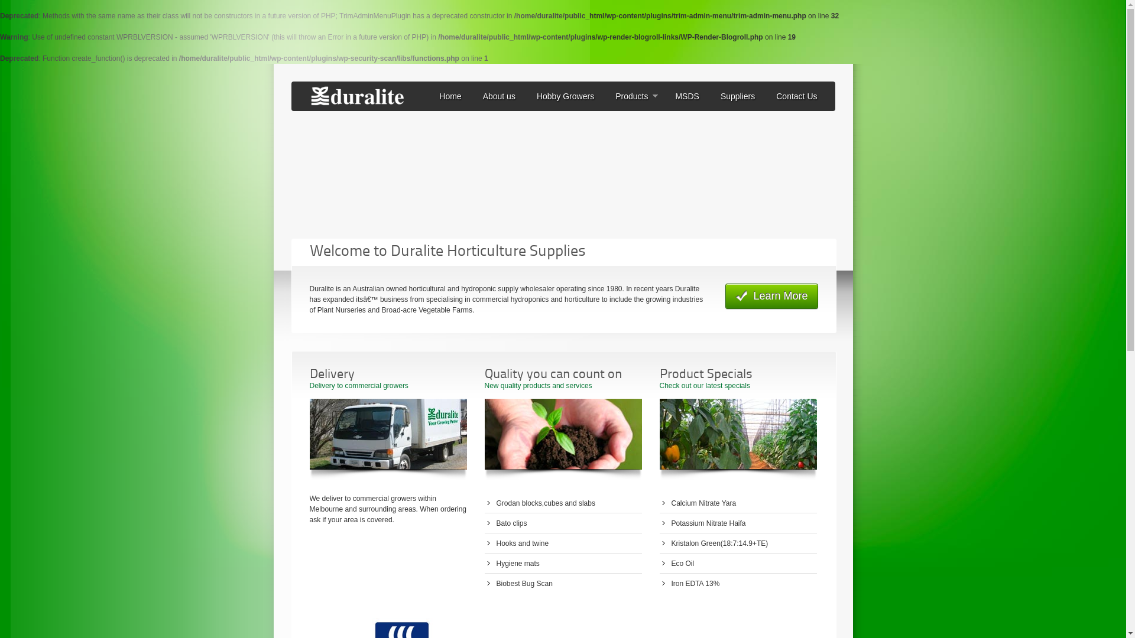 Image resolution: width=1135 pixels, height=638 pixels. What do you see at coordinates (737, 95) in the screenshot?
I see `'Suppliers'` at bounding box center [737, 95].